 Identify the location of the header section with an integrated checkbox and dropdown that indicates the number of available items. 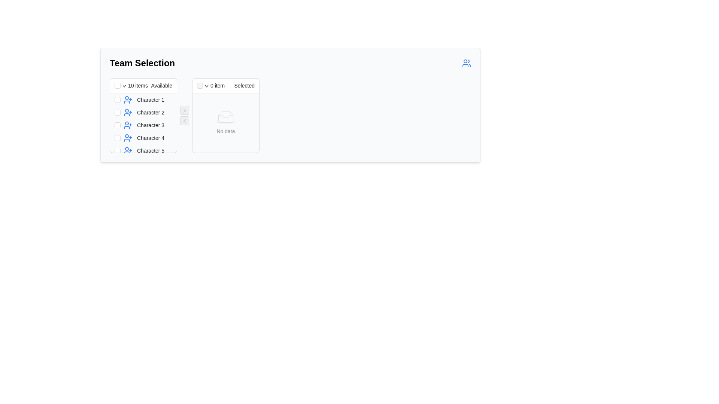
(143, 86).